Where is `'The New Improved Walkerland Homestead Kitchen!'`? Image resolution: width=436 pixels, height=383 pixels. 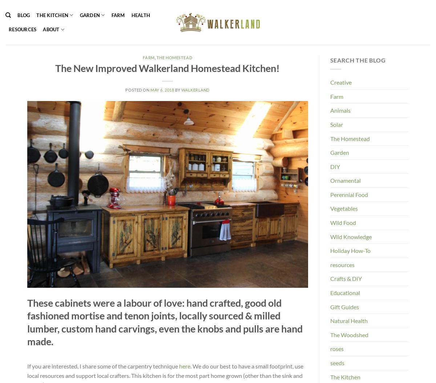
'The New Improved Walkerland Homestead Kitchen!' is located at coordinates (55, 68).